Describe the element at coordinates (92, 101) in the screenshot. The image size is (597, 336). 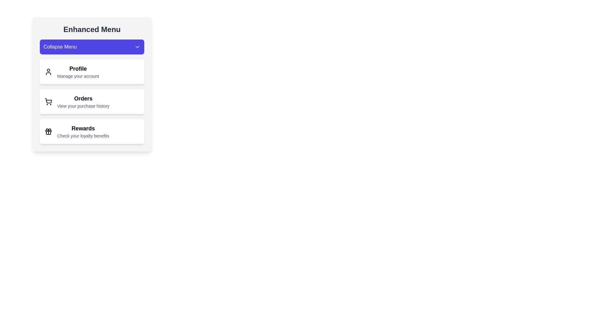
I see `the Menu panel with options that contains the items 'Profile', 'Orders', and 'Rewards', specifically targeting the element for interaction` at that location.